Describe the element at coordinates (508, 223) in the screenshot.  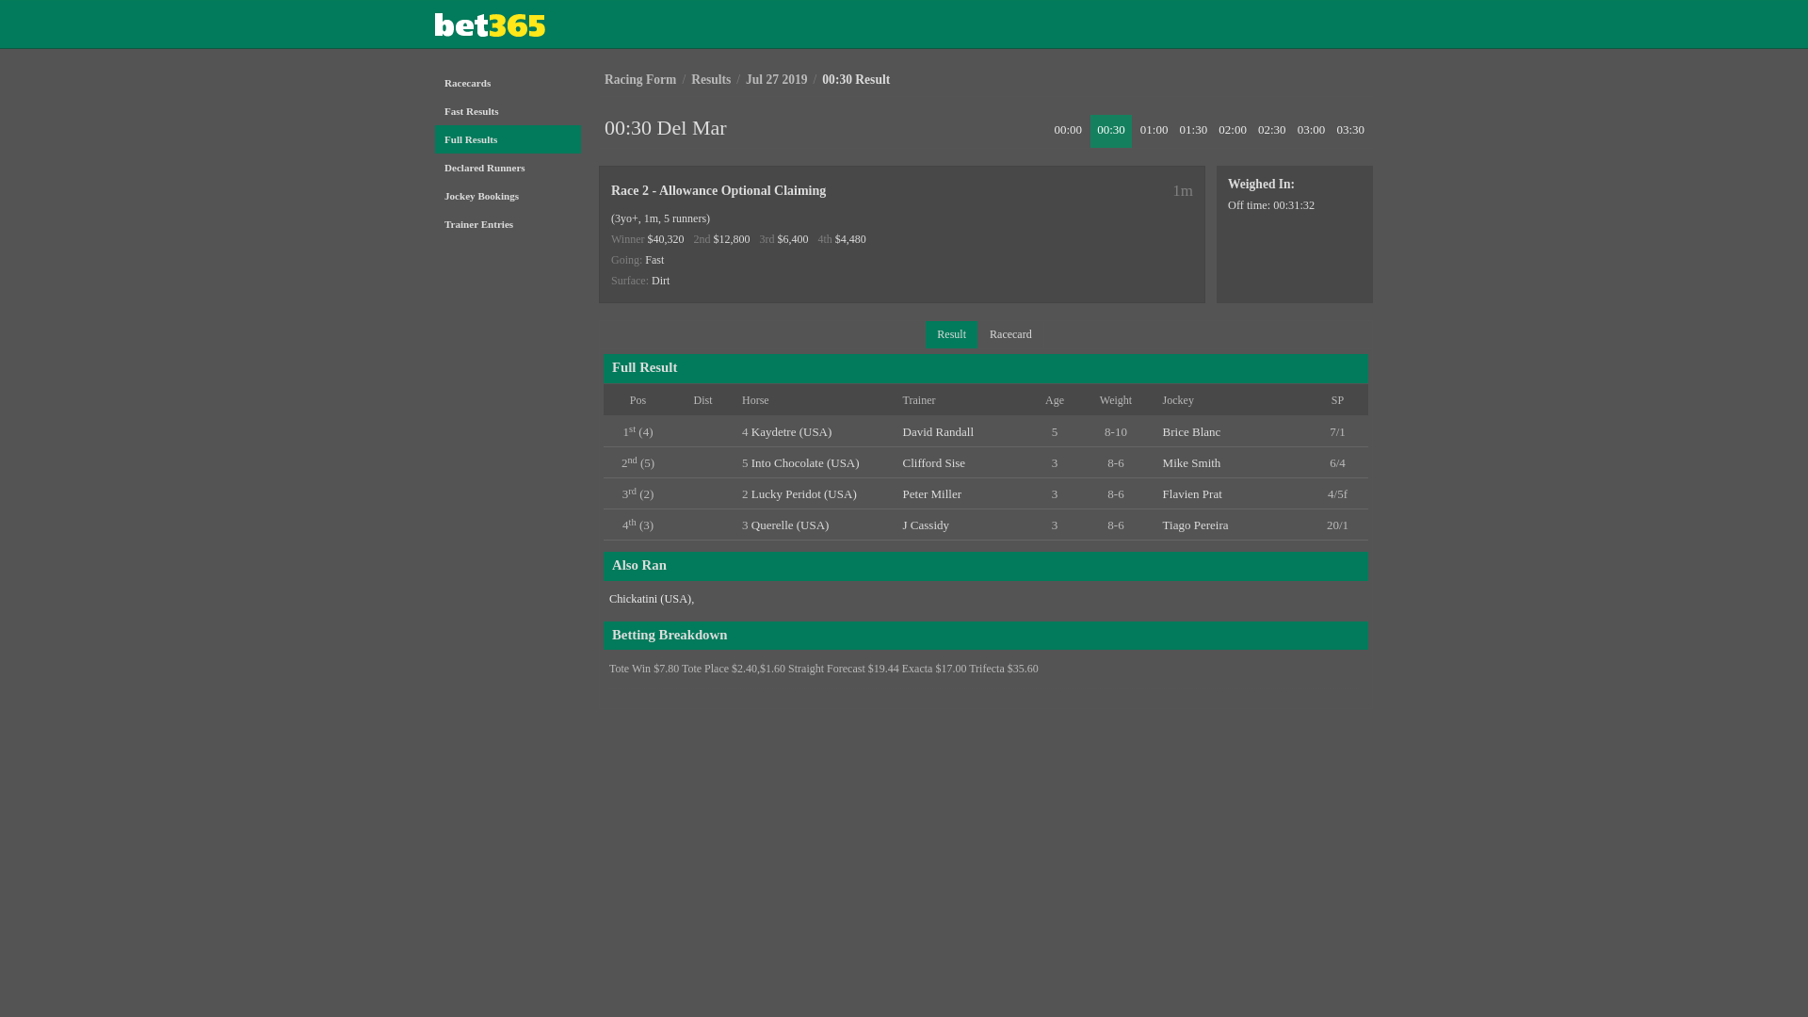
I see `'Trainer Entries'` at that location.